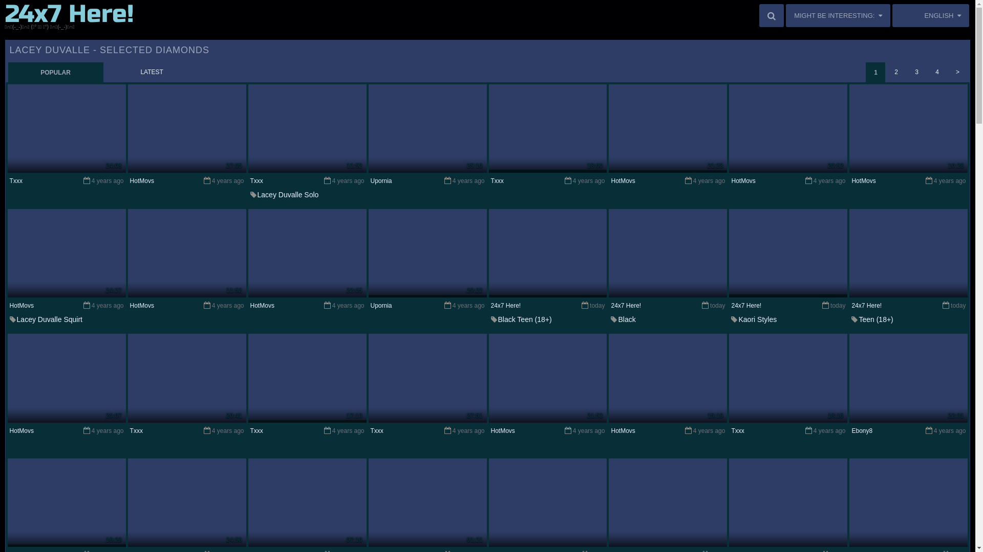 The height and width of the screenshot is (552, 983). Describe the element at coordinates (55, 72) in the screenshot. I see `'POPULAR'` at that location.